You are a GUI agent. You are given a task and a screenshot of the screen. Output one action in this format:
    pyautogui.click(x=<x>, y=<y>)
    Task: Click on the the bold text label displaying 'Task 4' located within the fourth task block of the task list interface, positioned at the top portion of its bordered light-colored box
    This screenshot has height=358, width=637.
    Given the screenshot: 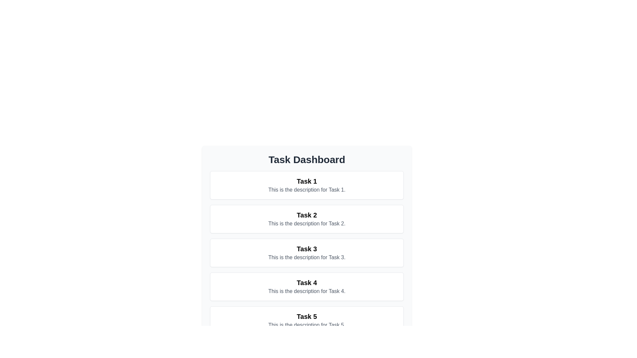 What is the action you would take?
    pyautogui.click(x=307, y=282)
    